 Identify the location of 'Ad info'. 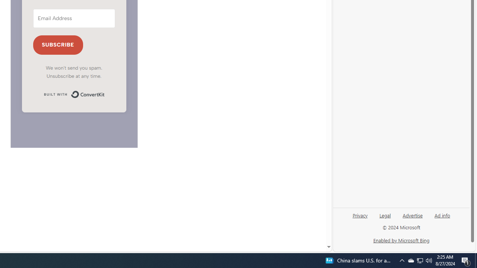
(442, 215).